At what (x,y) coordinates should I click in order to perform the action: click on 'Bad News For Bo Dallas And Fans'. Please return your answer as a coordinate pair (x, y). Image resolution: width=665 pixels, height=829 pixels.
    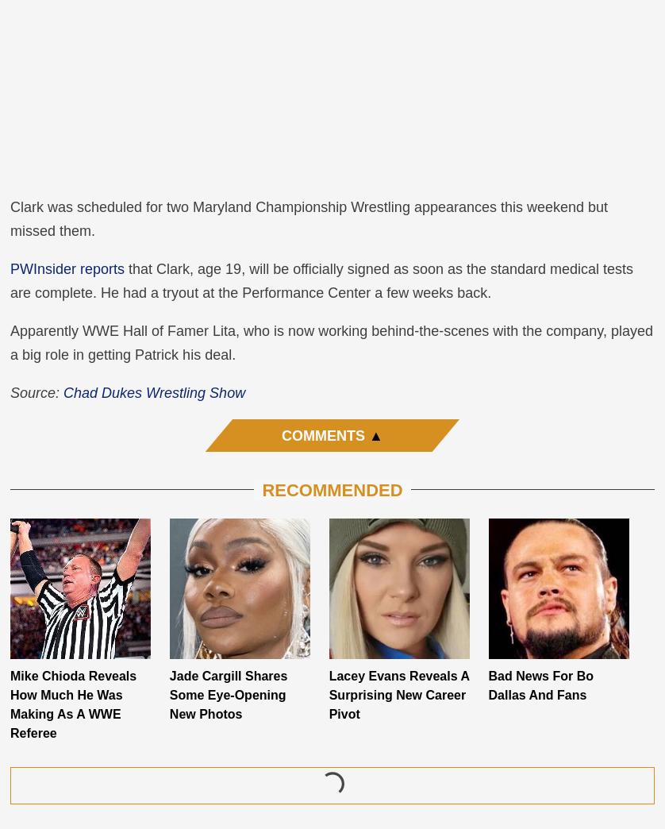
    Looking at the image, I should click on (540, 685).